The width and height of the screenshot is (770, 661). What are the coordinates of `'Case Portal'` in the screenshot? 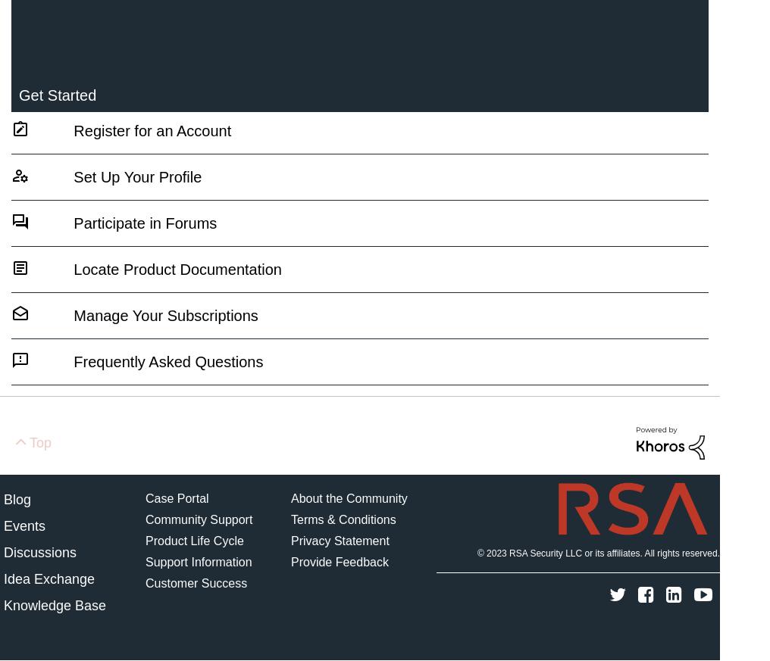 It's located at (177, 497).